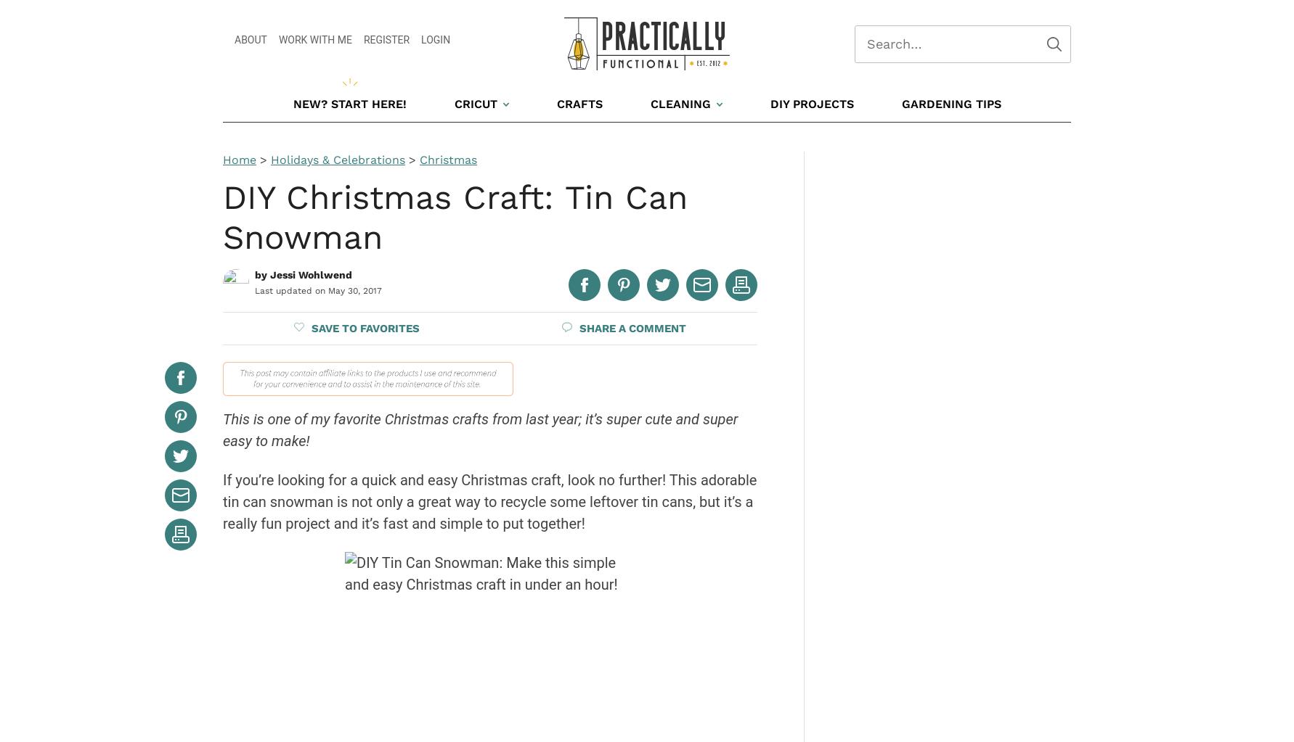 The width and height of the screenshot is (1294, 742). Describe the element at coordinates (579, 327) in the screenshot. I see `'Share a'` at that location.